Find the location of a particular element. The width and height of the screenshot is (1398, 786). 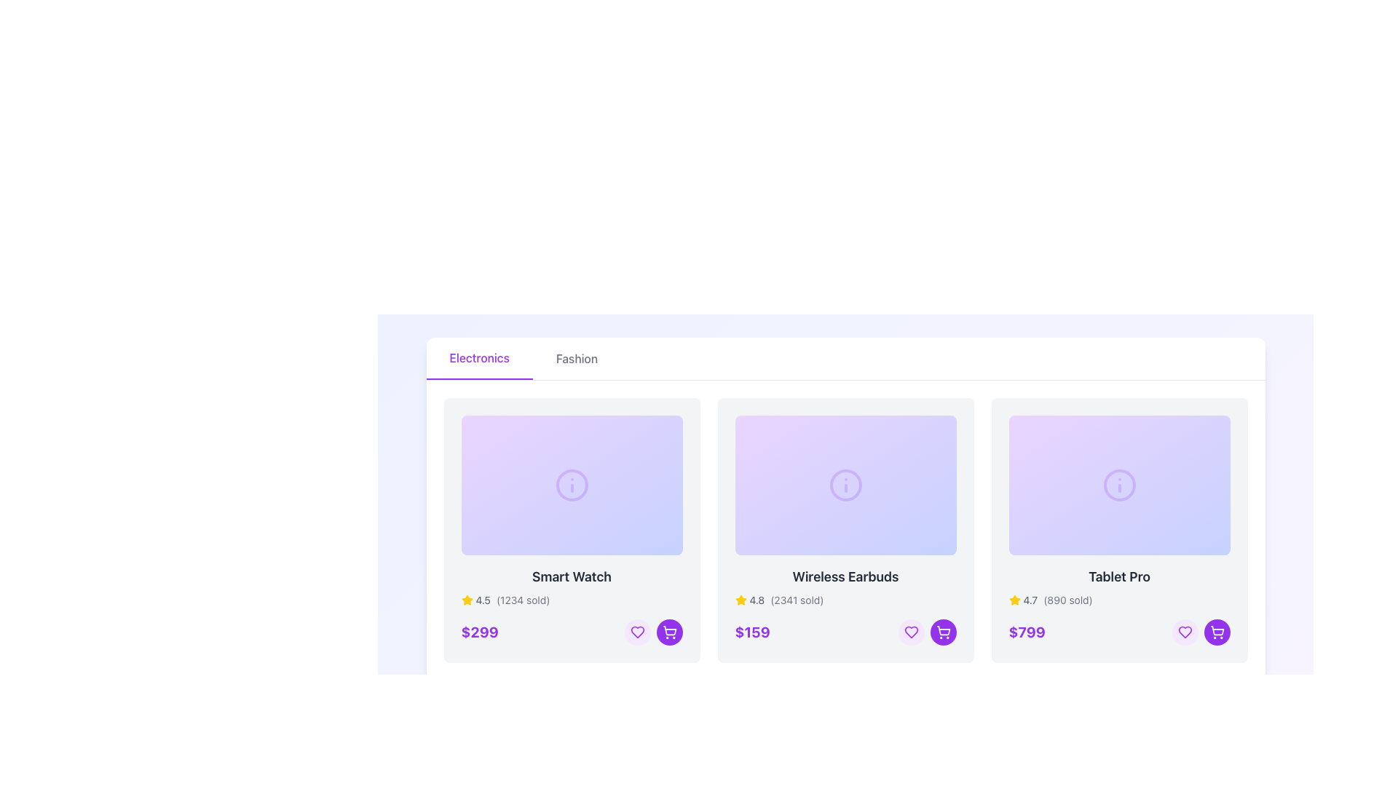

the circular border of the 'info' symbol within the 'Wireless Earbuds' product card, which is centrally located in the card and has a thin stroke with no fill color is located at coordinates (845, 485).